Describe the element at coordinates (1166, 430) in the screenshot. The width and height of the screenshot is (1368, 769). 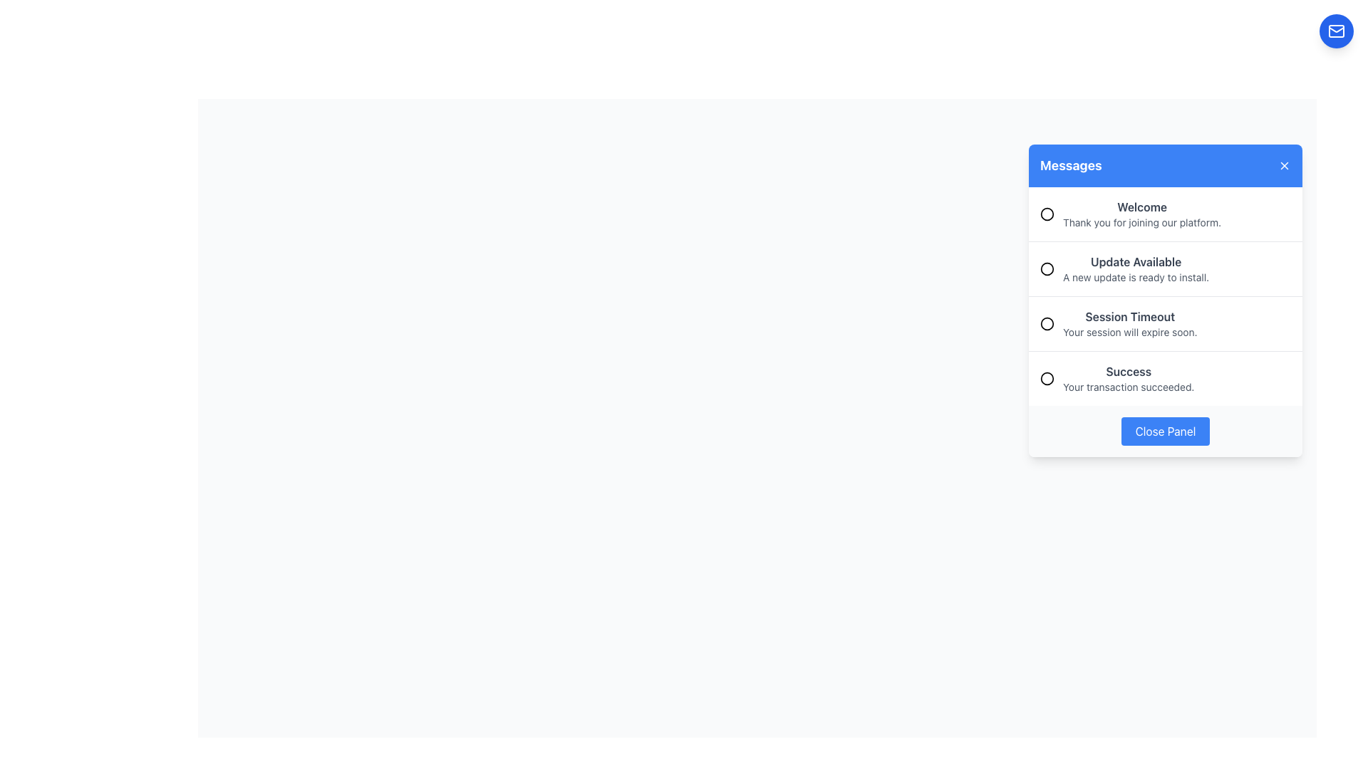
I see `the close button located at the bottom center of the 'Messages' panel` at that location.